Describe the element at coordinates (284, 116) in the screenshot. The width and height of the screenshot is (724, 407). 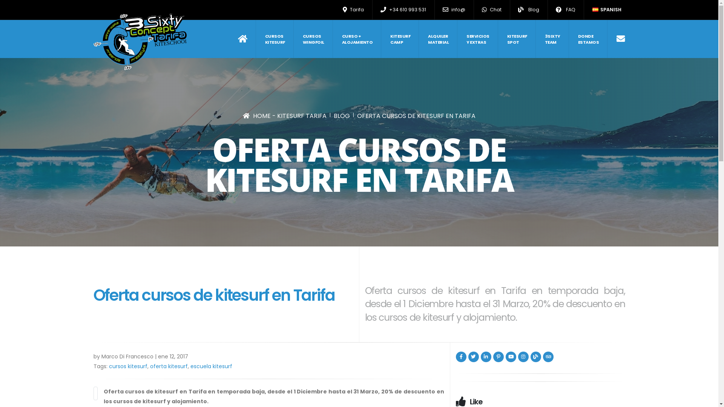
I see `'HOME - KITESURF TARIFA'` at that location.